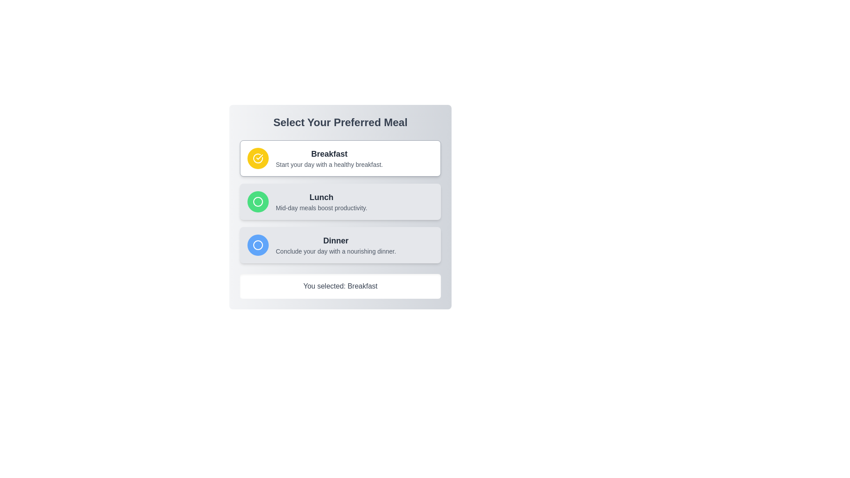  Describe the element at coordinates (340, 201) in the screenshot. I see `the selectable lunch meal option, which is the second option in a vertical list` at that location.